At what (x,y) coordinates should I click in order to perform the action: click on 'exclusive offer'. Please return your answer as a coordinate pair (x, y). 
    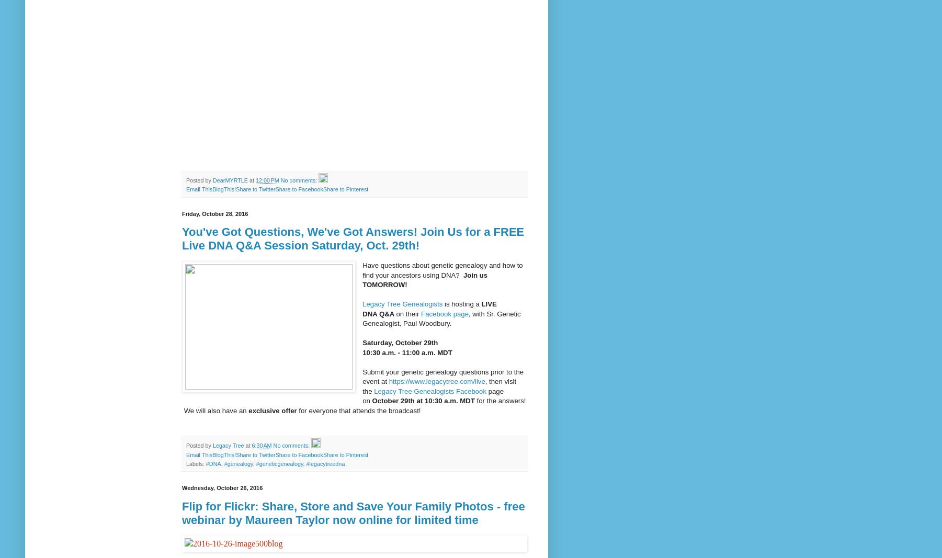
    Looking at the image, I should click on (274, 409).